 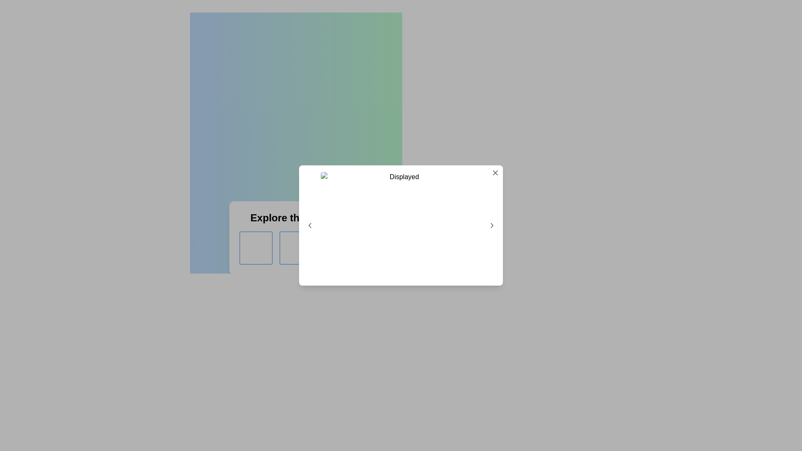 I want to click on the Icon button (Chevron Left) which serves as a navigation control, so click(x=310, y=225).